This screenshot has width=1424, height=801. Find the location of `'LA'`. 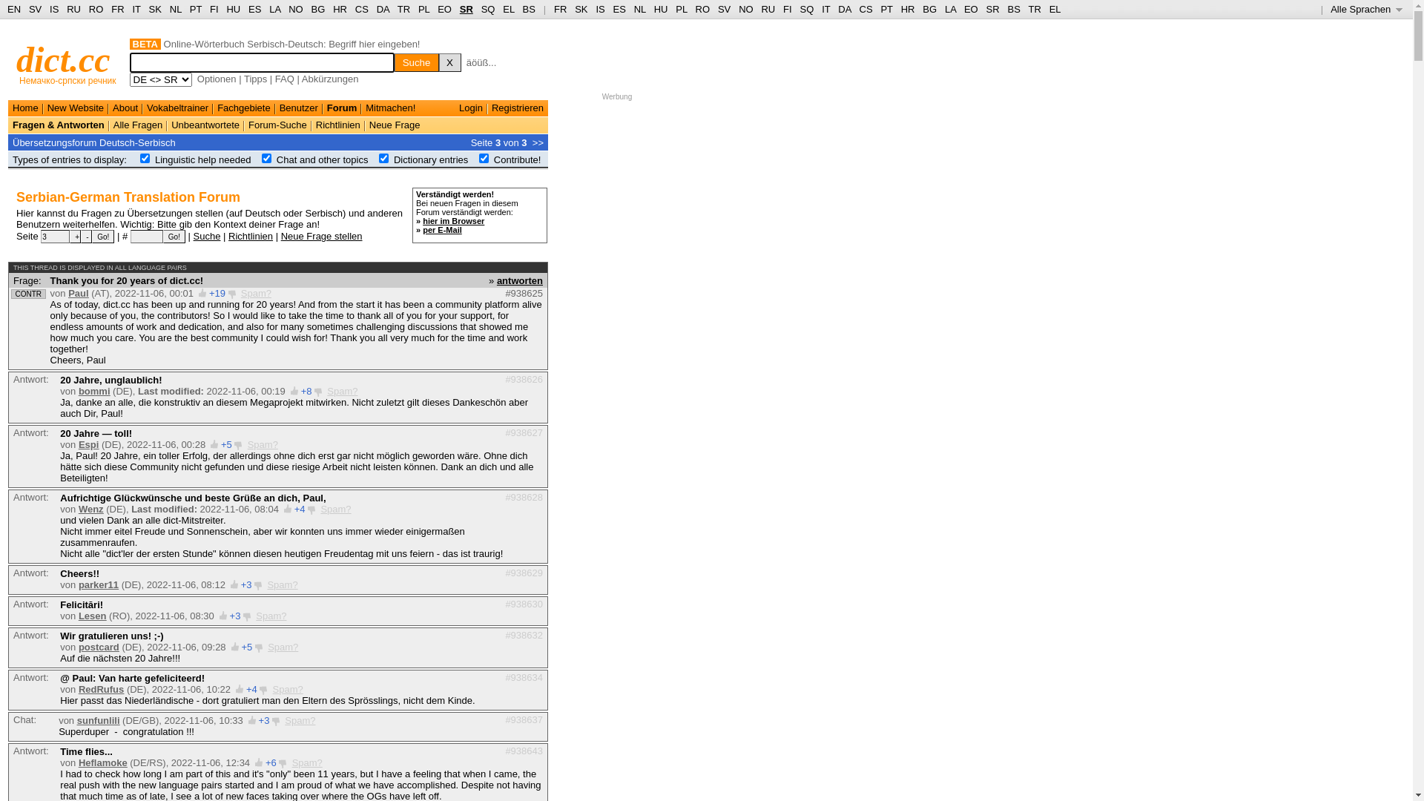

'LA' is located at coordinates (943, 9).